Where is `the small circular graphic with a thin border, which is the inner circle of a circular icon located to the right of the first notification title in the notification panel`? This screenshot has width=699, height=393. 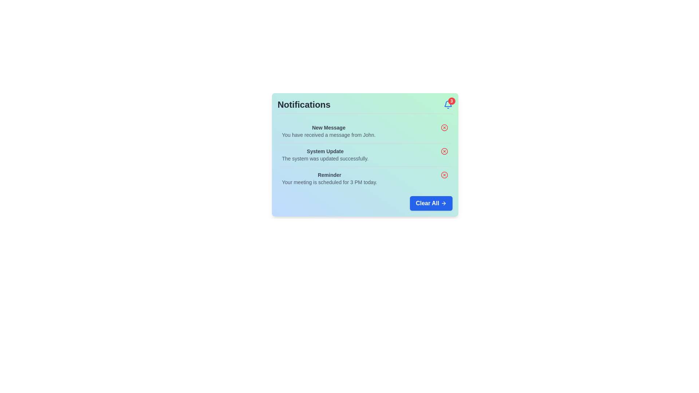
the small circular graphic with a thin border, which is the inner circle of a circular icon located to the right of the first notification title in the notification panel is located at coordinates (444, 127).